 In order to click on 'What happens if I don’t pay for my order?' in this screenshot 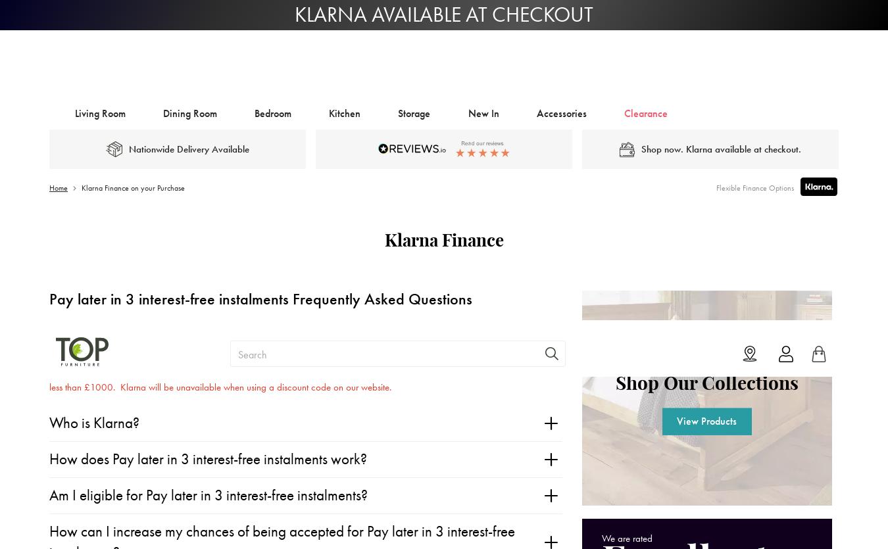, I will do `click(172, 437)`.